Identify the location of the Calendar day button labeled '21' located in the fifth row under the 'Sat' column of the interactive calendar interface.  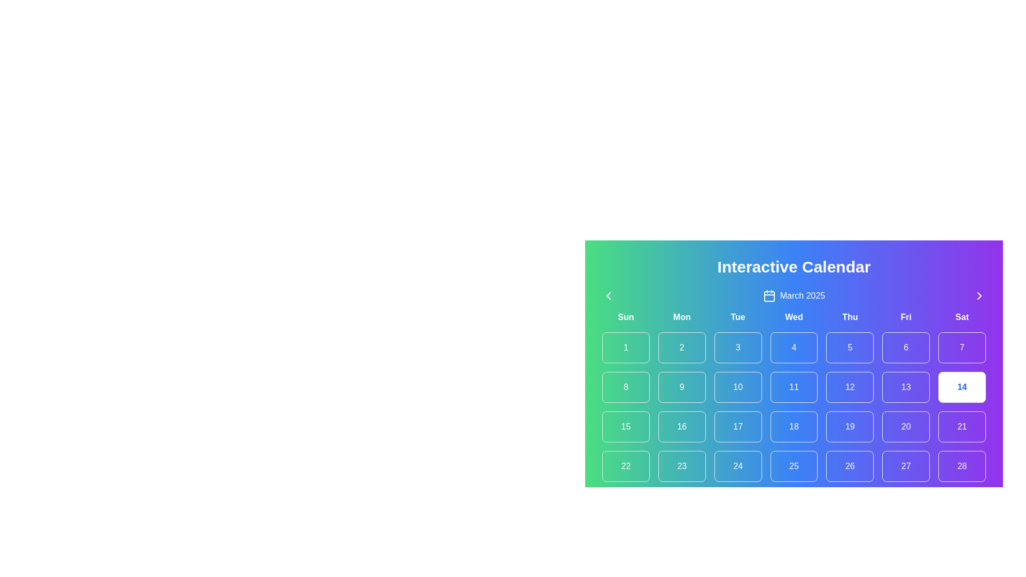
(962, 426).